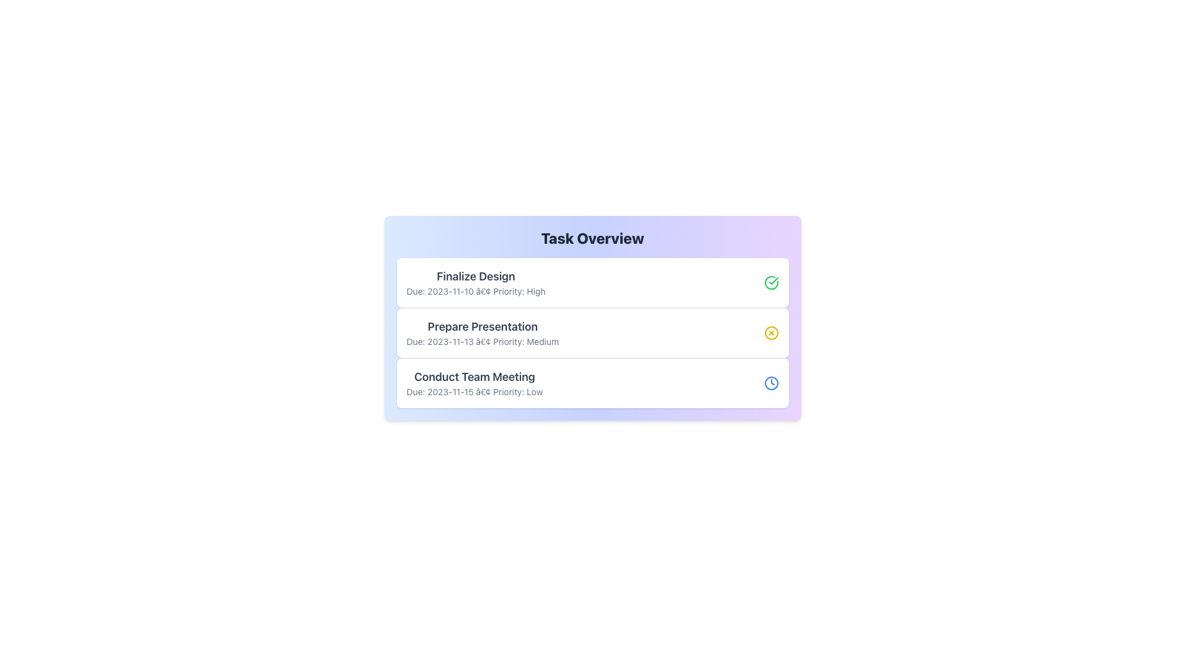 Image resolution: width=1191 pixels, height=670 pixels. What do you see at coordinates (482, 326) in the screenshot?
I see `the text label that displays 'Prepare Presentation', which is a bold gray text centered in the second task item of a vertical list` at bounding box center [482, 326].